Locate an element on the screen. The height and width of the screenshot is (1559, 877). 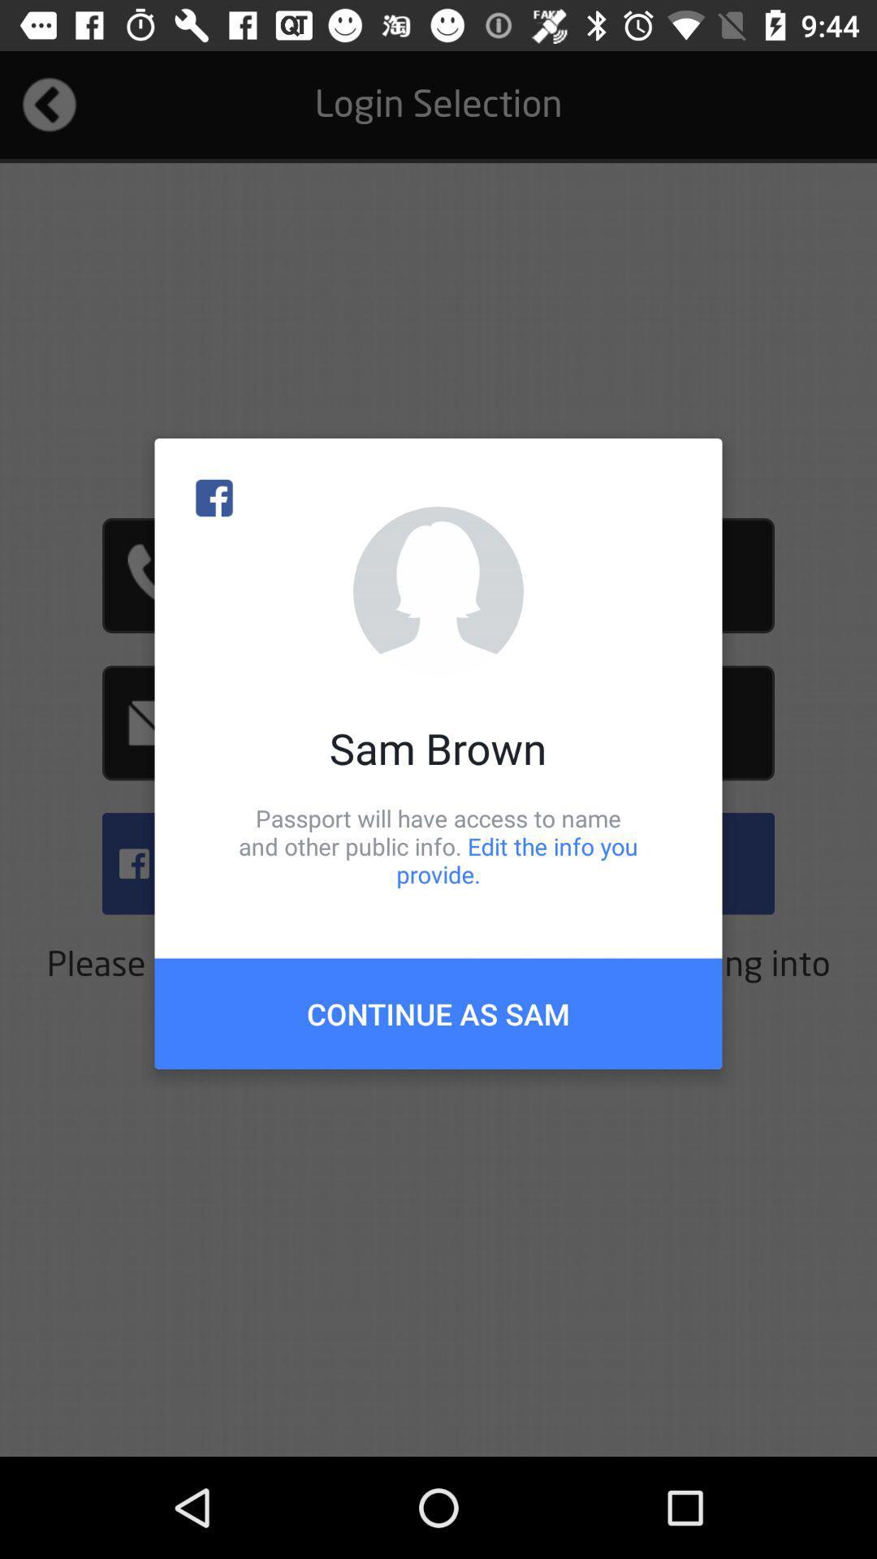
item above the continue as sam icon is located at coordinates (438, 845).